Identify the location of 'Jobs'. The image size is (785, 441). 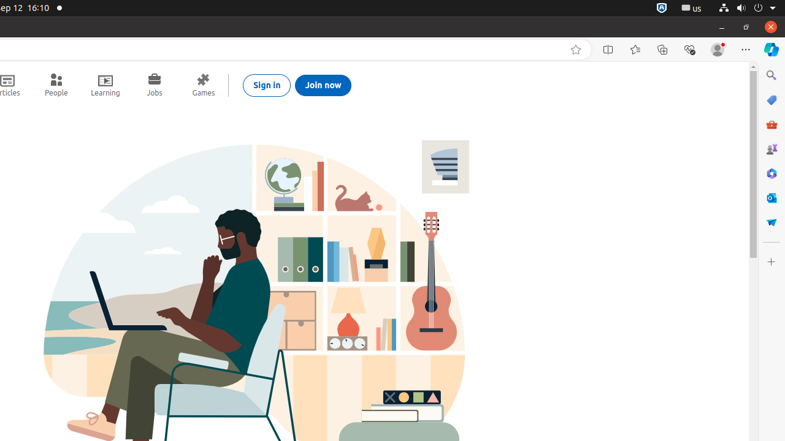
(153, 85).